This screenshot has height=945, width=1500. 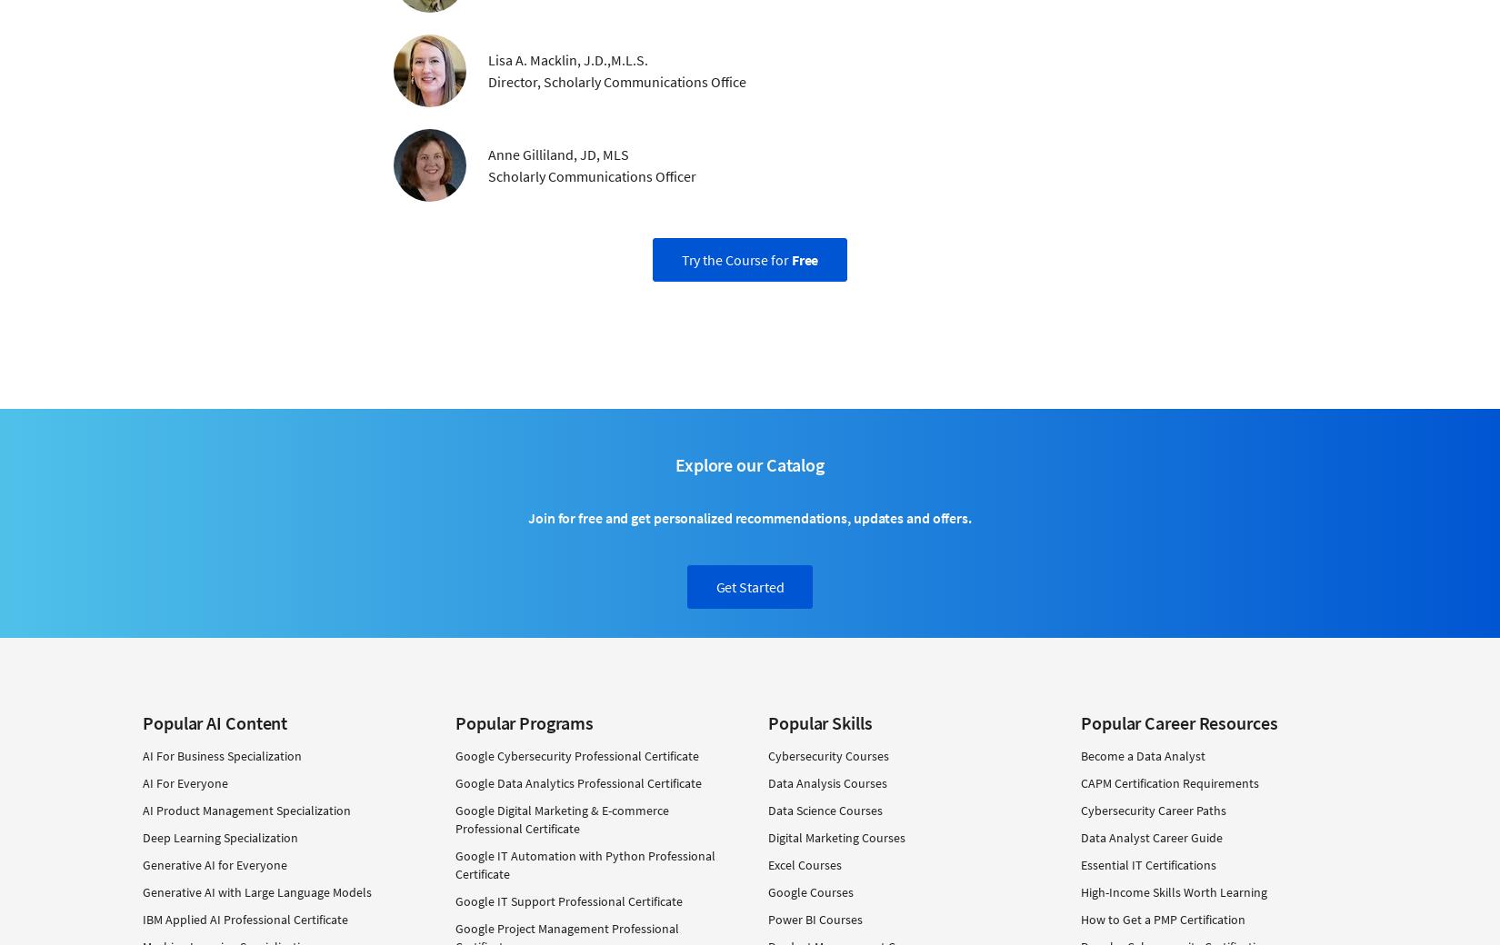 I want to click on 'Explore our Catalog', so click(x=674, y=463).